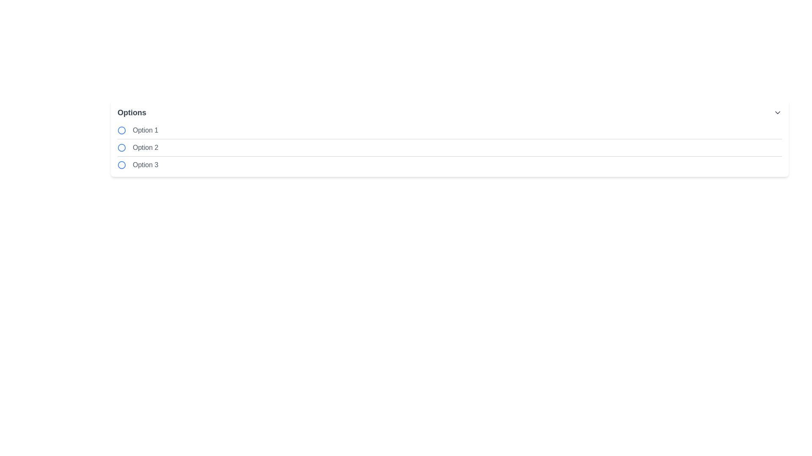 The height and width of the screenshot is (456, 812). I want to click on the leftmost radio button in the first row of the options list, so click(121, 130).